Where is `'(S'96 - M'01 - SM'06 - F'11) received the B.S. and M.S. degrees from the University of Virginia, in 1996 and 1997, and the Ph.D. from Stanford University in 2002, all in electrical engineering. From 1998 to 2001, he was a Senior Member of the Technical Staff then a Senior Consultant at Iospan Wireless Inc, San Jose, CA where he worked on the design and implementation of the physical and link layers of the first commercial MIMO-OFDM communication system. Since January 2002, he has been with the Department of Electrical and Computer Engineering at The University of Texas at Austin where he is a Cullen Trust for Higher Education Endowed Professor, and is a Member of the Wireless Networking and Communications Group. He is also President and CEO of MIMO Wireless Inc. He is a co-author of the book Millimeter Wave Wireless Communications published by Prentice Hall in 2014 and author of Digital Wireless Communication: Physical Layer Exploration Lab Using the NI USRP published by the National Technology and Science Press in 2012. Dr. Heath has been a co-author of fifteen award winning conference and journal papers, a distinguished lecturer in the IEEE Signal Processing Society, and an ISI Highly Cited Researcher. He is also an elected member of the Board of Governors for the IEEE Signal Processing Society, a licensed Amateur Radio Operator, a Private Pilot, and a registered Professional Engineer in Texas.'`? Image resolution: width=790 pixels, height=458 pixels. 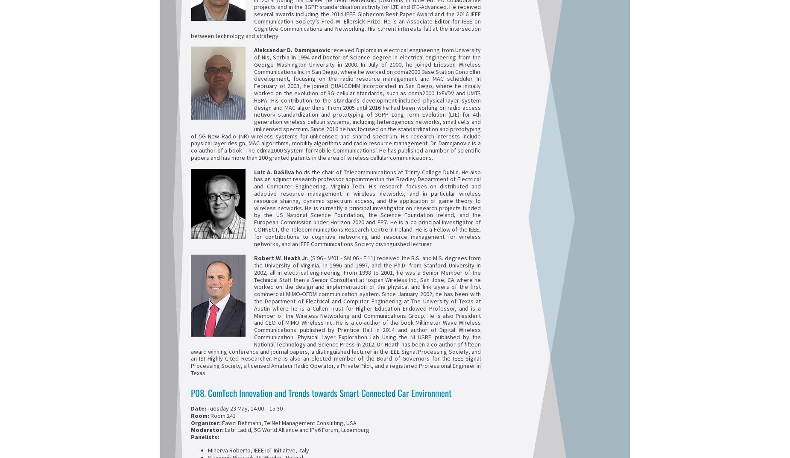 '(S'96 - M'01 - SM'06 - F'11) received the B.S. and M.S. degrees from the University of Virginia, in 1996 and 1997, and the Ph.D. from Stanford University in 2002, all in electrical engineering. From 1998 to 2001, he was a Senior Member of the Technical Staff then a Senior Consultant at Iospan Wireless Inc, San Jose, CA where he worked on the design and implementation of the physical and link layers of the first commercial MIMO-OFDM communication system. Since January 2002, he has been with the Department of Electrical and Computer Engineering at The University of Texas at Austin where he is a Cullen Trust for Higher Education Endowed Professor, and is a Member of the Wireless Networking and Communications Group. He is also President and CEO of MIMO Wireless Inc. He is a co-author of the book Millimeter Wave Wireless Communications published by Prentice Hall in 2014 and author of Digital Wireless Communication: Physical Layer Exploration Lab Using the NI USRP published by the National Technology and Science Press in 2012. Dr. Heath has been a co-author of fifteen award winning conference and journal papers, a distinguished lecturer in the IEEE Signal Processing Society, and an ISI Highly Cited Researcher. He is also an elected member of the Board of Governors for the IEEE Signal Processing Society, a licensed Amateur Radio Operator, a Private Pilot, and a registered Professional Engineer in Texas.' is located at coordinates (336, 314).